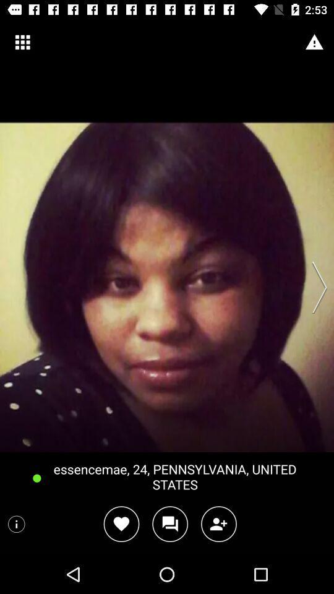 This screenshot has width=334, height=594. Describe the element at coordinates (22, 42) in the screenshot. I see `icon at the top left corner` at that location.